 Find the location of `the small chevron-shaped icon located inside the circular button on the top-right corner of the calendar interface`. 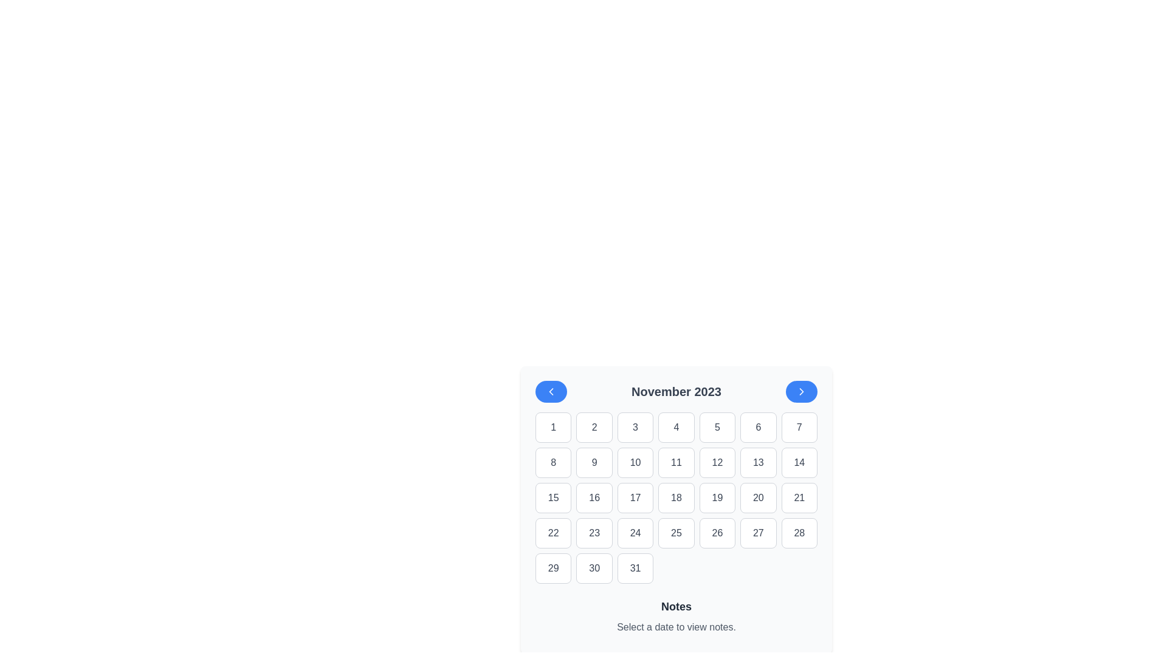

the small chevron-shaped icon located inside the circular button on the top-right corner of the calendar interface is located at coordinates (802, 391).